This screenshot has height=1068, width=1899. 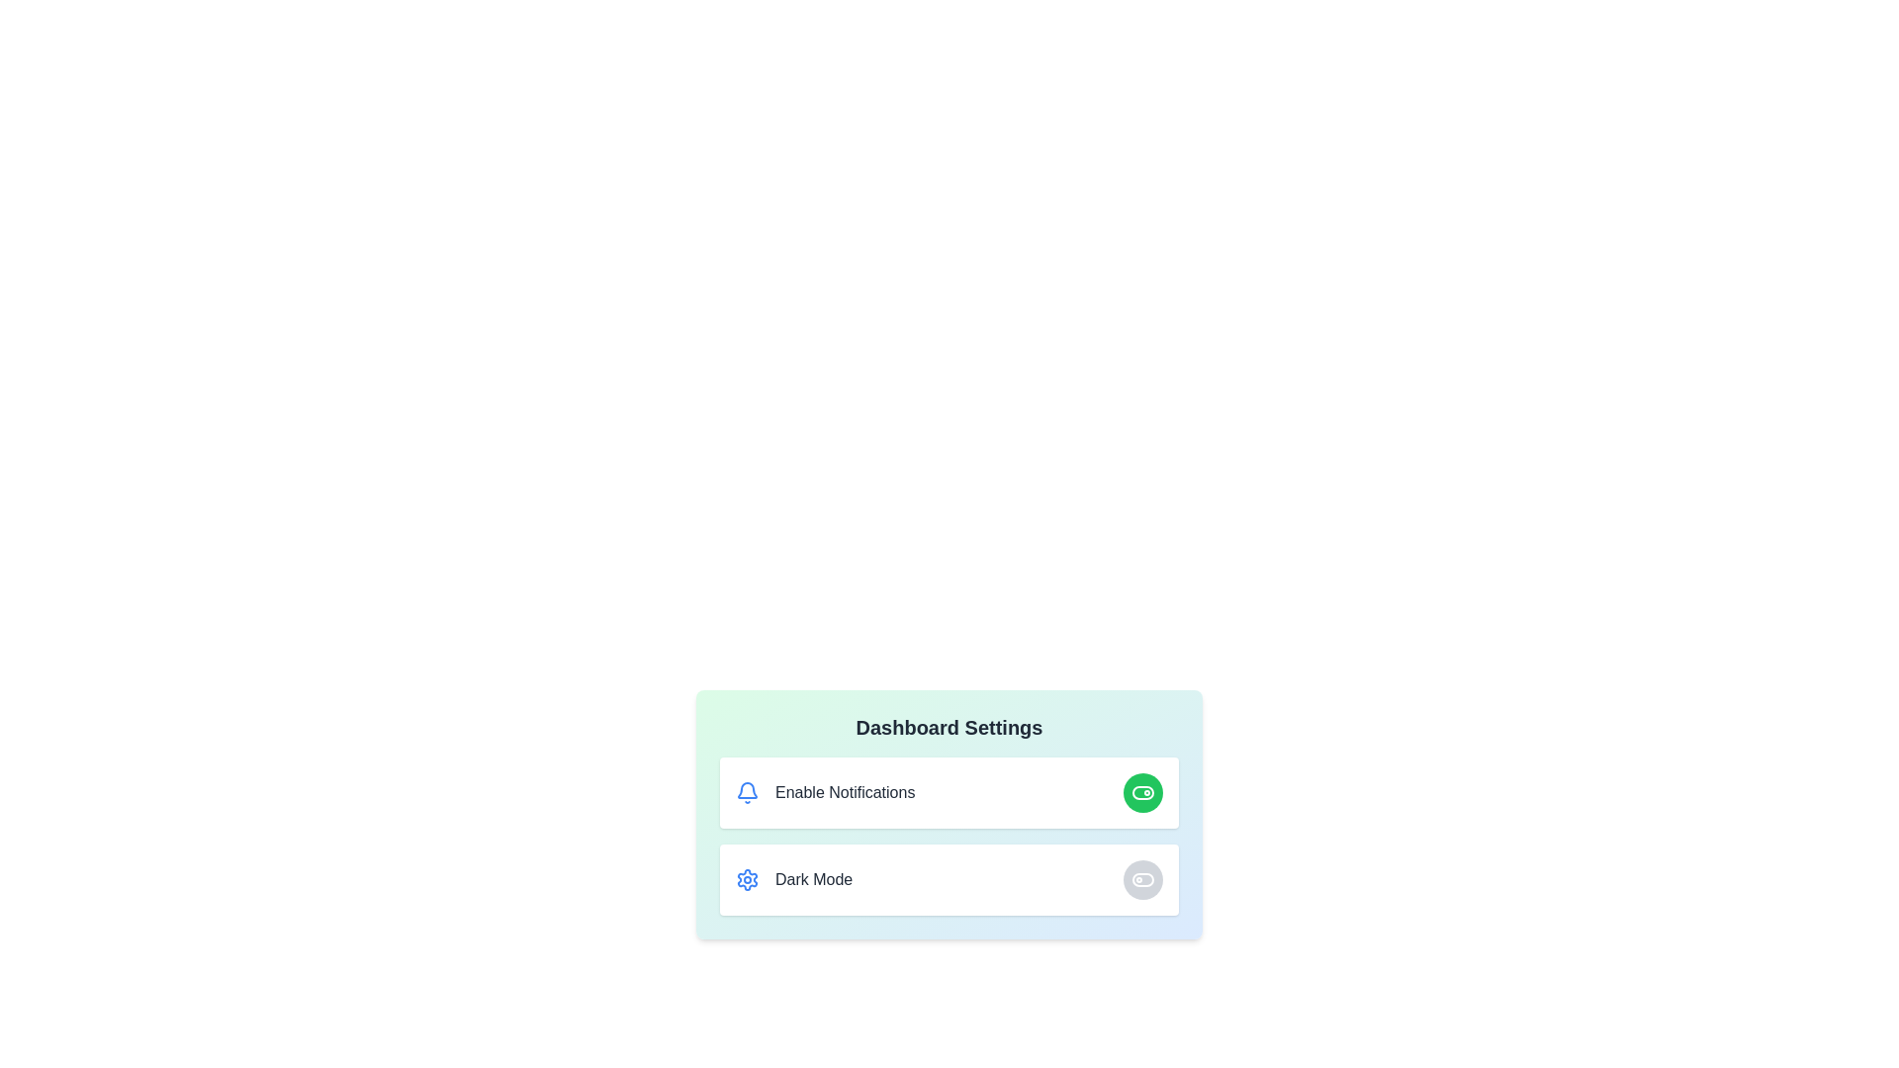 I want to click on the background shape of the toggle switch for the 'Dark Mode' setting in the 'Dashboard Settings' card, which visually distinguishes the inactive state, so click(x=1143, y=879).